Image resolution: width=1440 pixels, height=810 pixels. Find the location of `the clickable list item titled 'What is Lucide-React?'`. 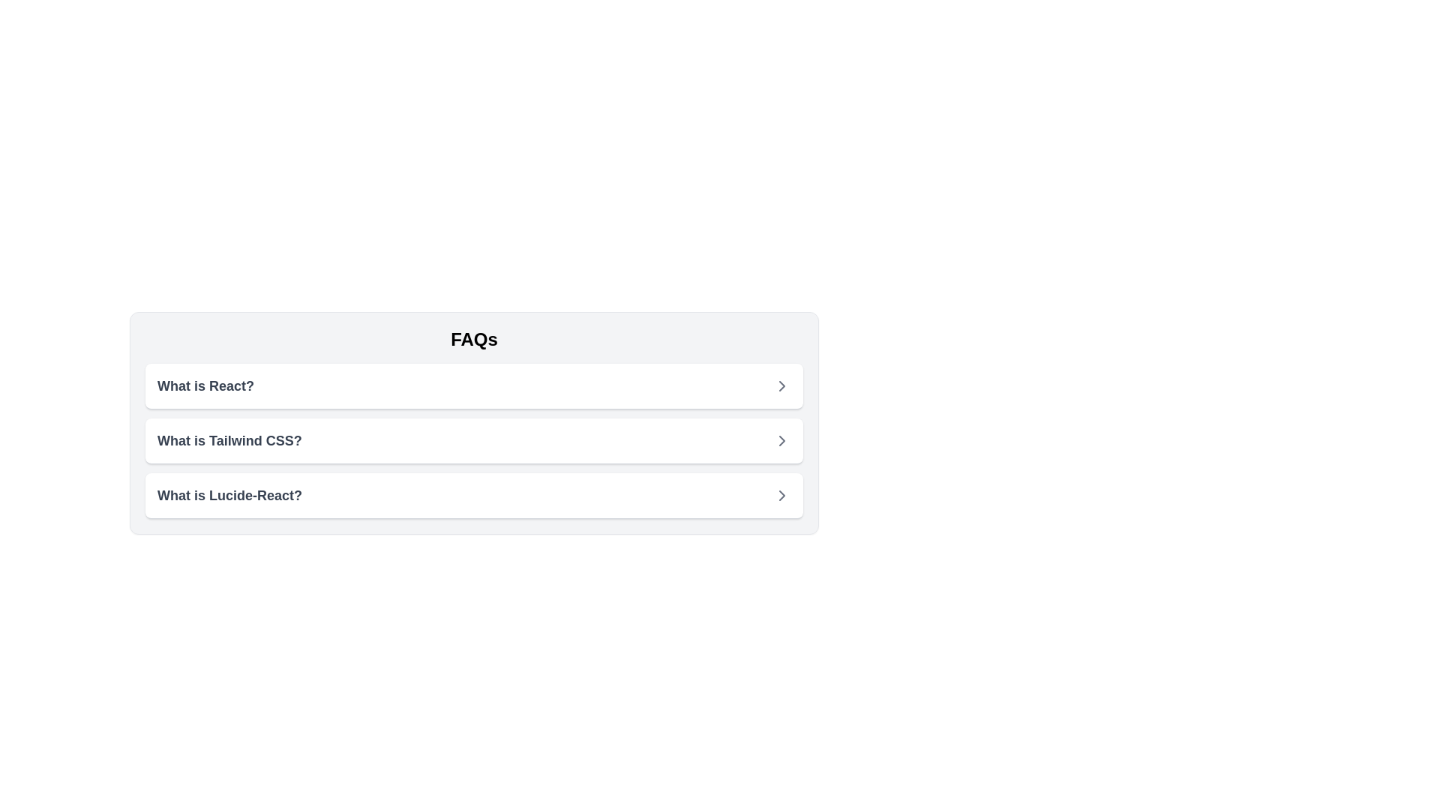

the clickable list item titled 'What is Lucide-React?' is located at coordinates (473, 495).